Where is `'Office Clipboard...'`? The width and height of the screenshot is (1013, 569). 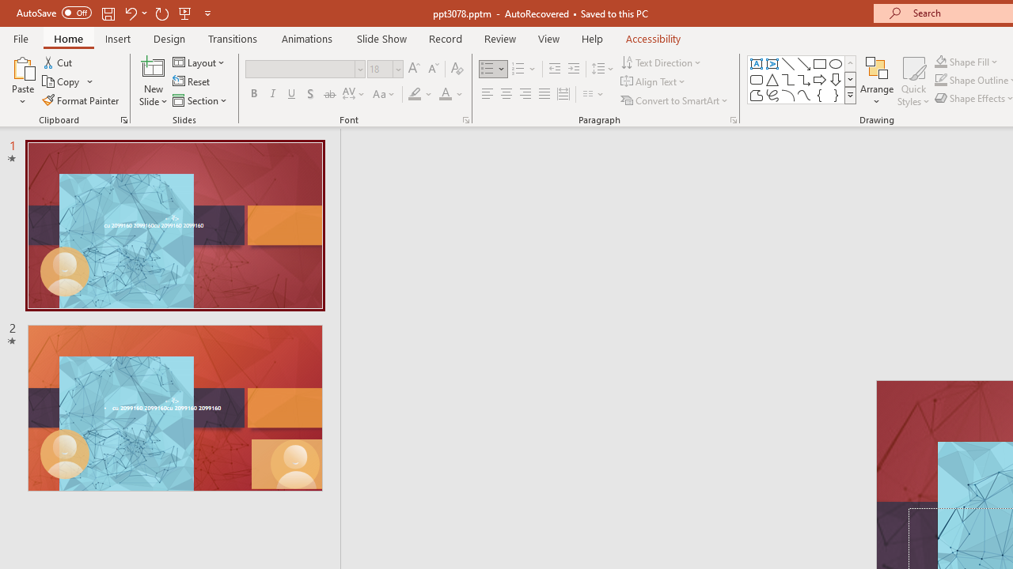 'Office Clipboard...' is located at coordinates (123, 119).